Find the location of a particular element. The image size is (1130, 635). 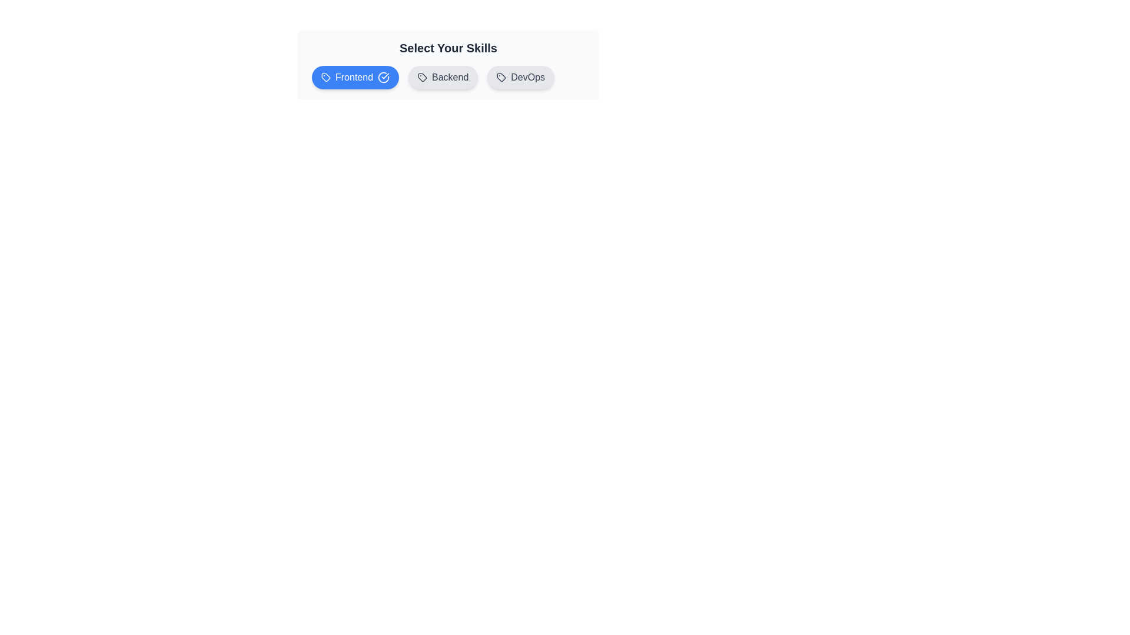

the skill tag Frontend to toggle its selection state is located at coordinates (355, 77).